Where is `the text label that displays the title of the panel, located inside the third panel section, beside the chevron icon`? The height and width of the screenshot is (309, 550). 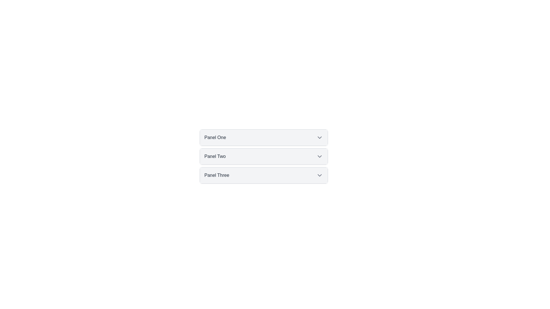 the text label that displays the title of the panel, located inside the third panel section, beside the chevron icon is located at coordinates (216, 175).